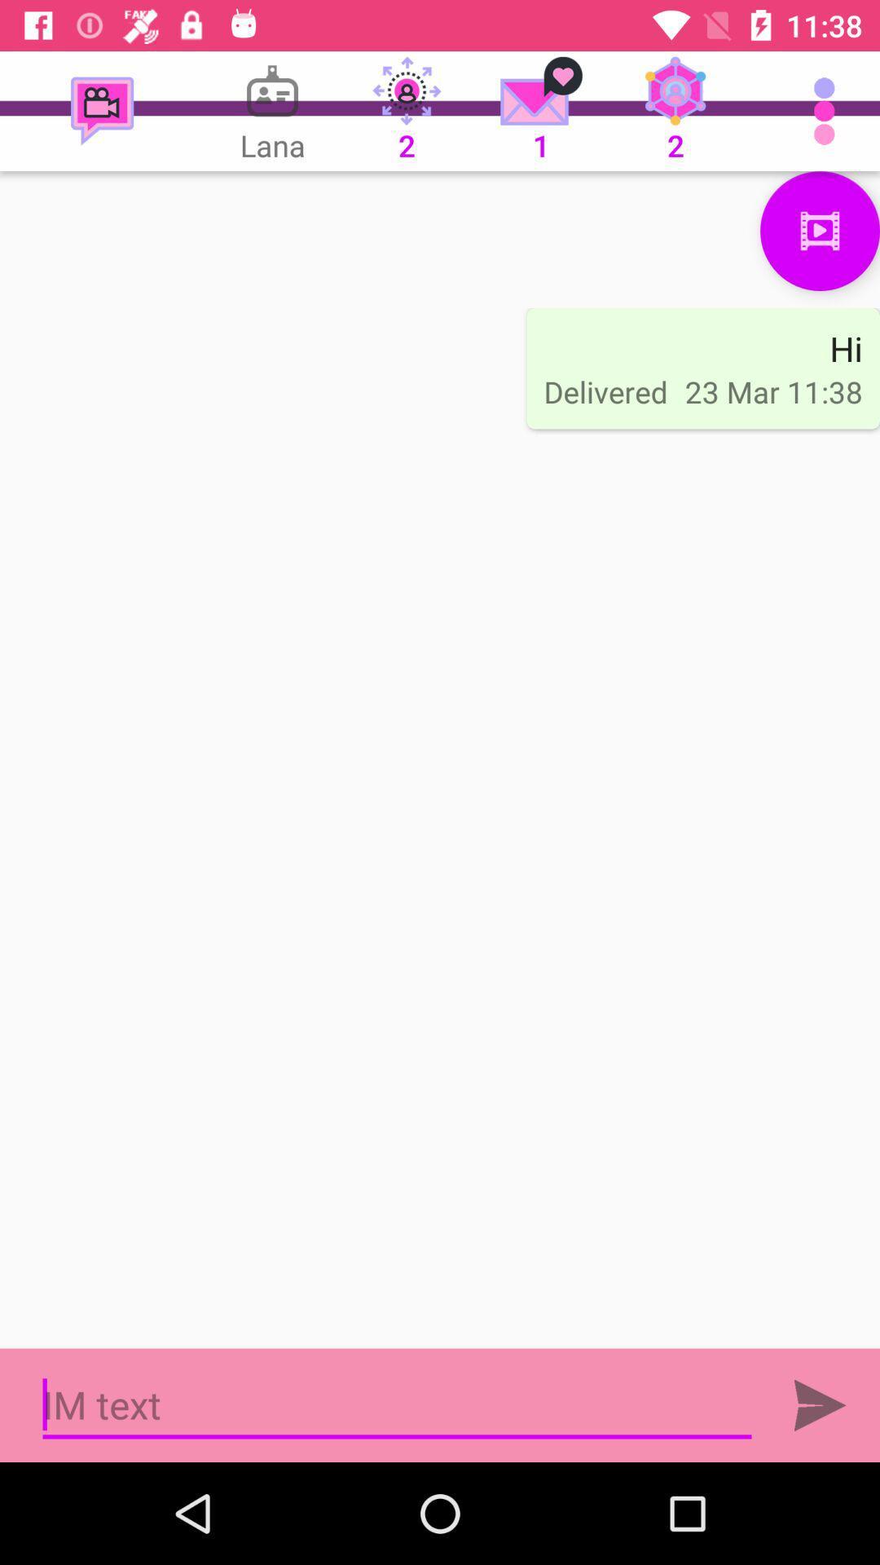 This screenshot has width=880, height=1565. I want to click on type text message option, so click(397, 1404).